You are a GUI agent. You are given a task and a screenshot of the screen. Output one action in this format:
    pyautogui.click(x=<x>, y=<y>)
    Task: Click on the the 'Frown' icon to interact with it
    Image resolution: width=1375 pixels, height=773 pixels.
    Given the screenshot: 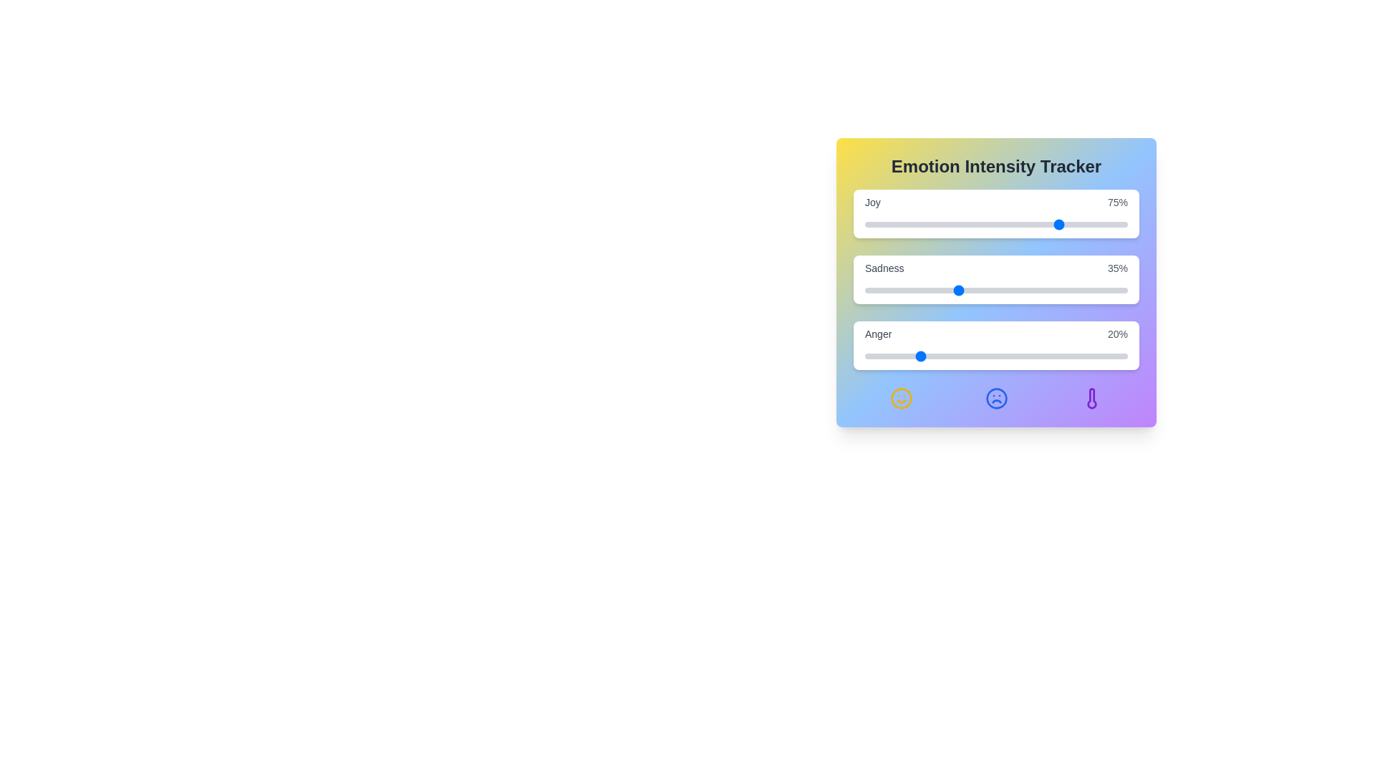 What is the action you would take?
    pyautogui.click(x=995, y=398)
    